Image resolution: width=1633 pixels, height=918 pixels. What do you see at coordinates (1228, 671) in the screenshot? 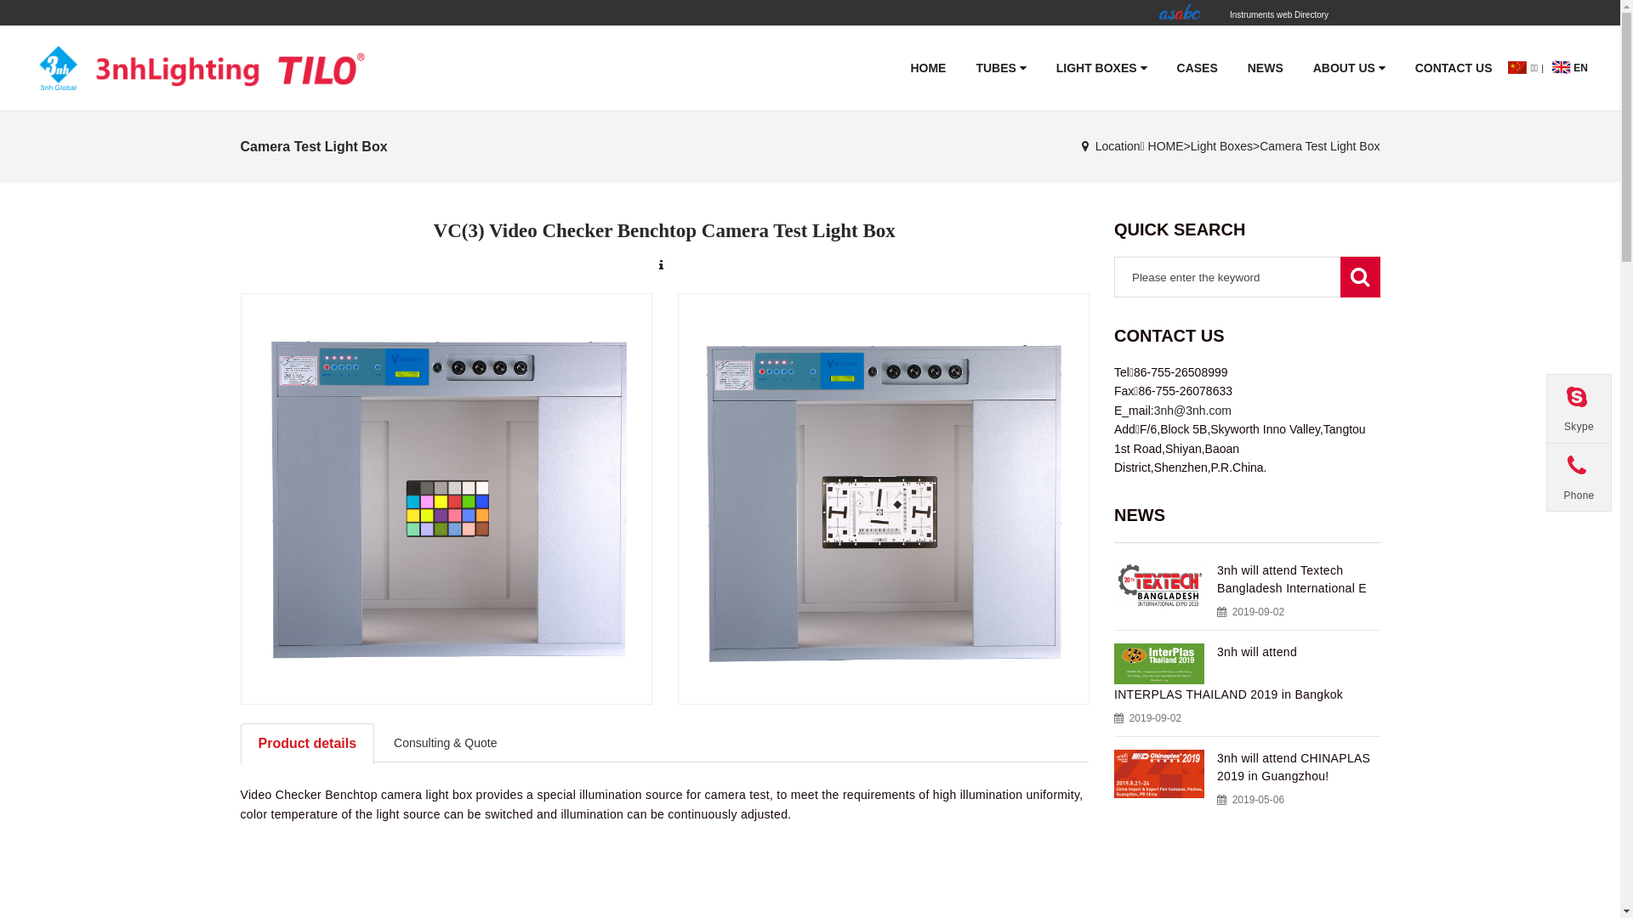
I see `'3nh will attend INTERPLAS THAILAND 2019 in Bangkok'` at bounding box center [1228, 671].